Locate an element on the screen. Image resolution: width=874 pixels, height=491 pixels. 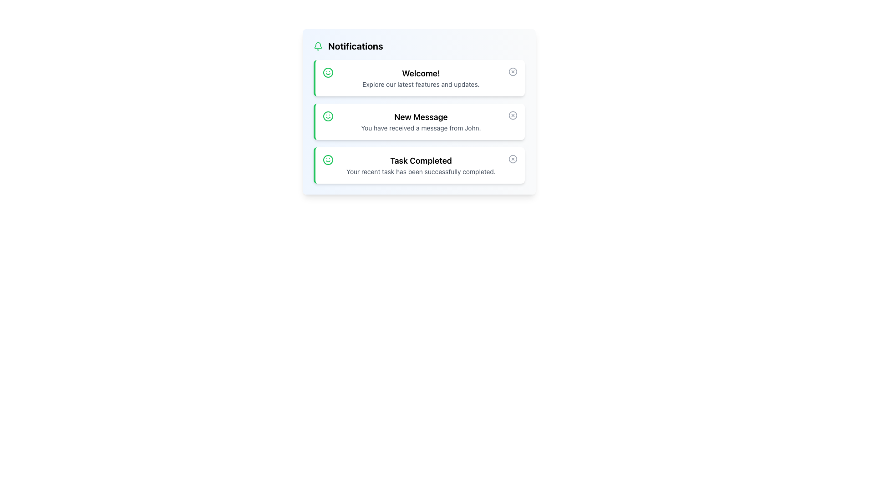
the round smiley face icon outlined in green, located in the top-left corner of the first notification panel which has the heading 'Welcome!' is located at coordinates (328, 72).